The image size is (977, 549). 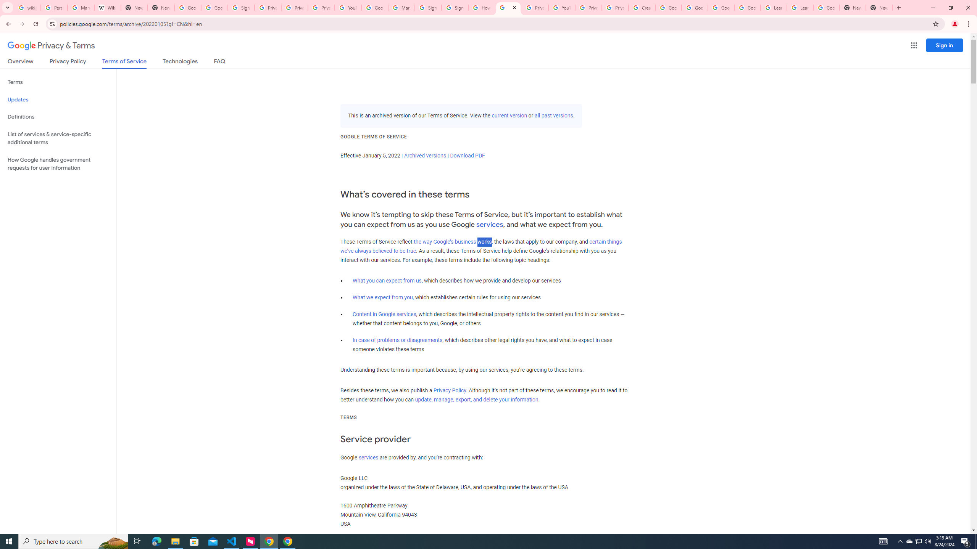 I want to click on 'Create your Google Account', so click(x=641, y=7).